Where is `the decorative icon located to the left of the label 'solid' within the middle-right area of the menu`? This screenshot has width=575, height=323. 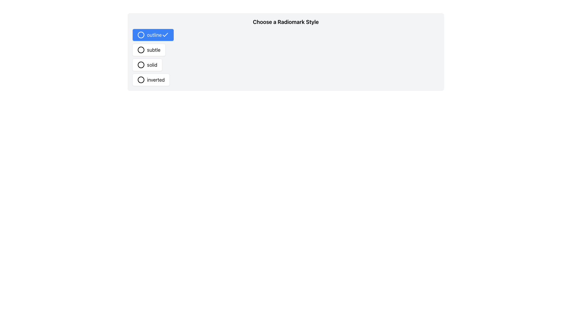
the decorative icon located to the left of the label 'solid' within the middle-right area of the menu is located at coordinates (140, 65).